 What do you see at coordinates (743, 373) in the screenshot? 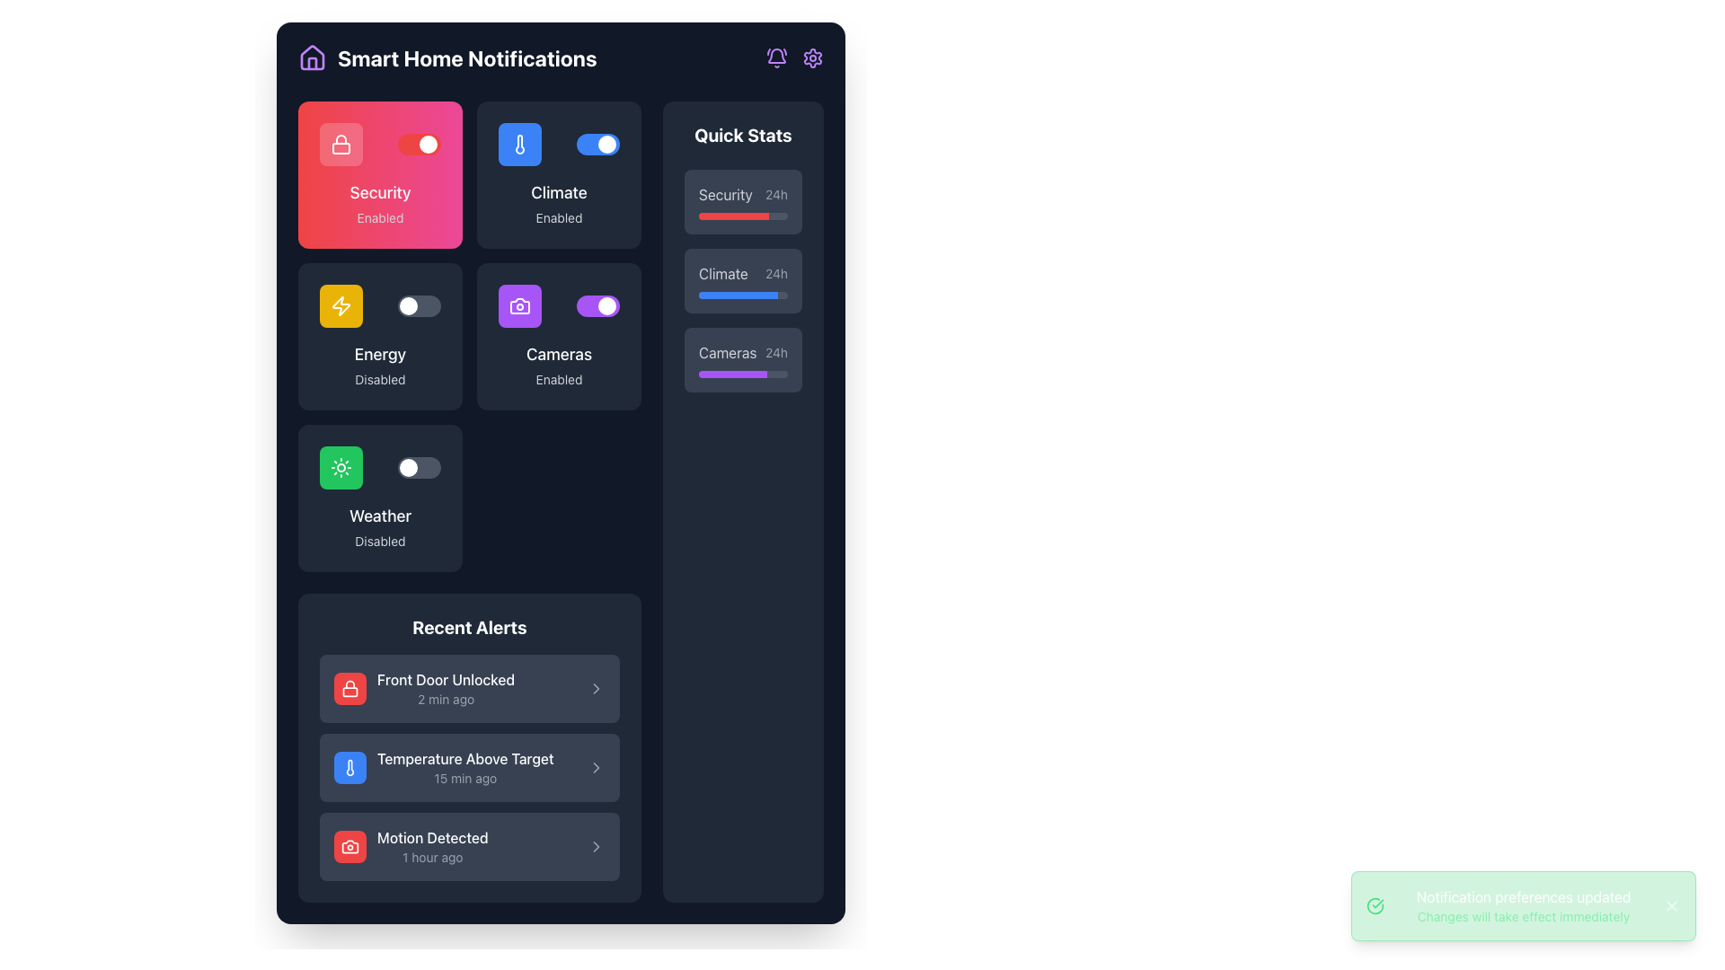
I see `the third progress bar in the 'Quick Stats' section, located below the 'Cameras 24h' label` at bounding box center [743, 373].